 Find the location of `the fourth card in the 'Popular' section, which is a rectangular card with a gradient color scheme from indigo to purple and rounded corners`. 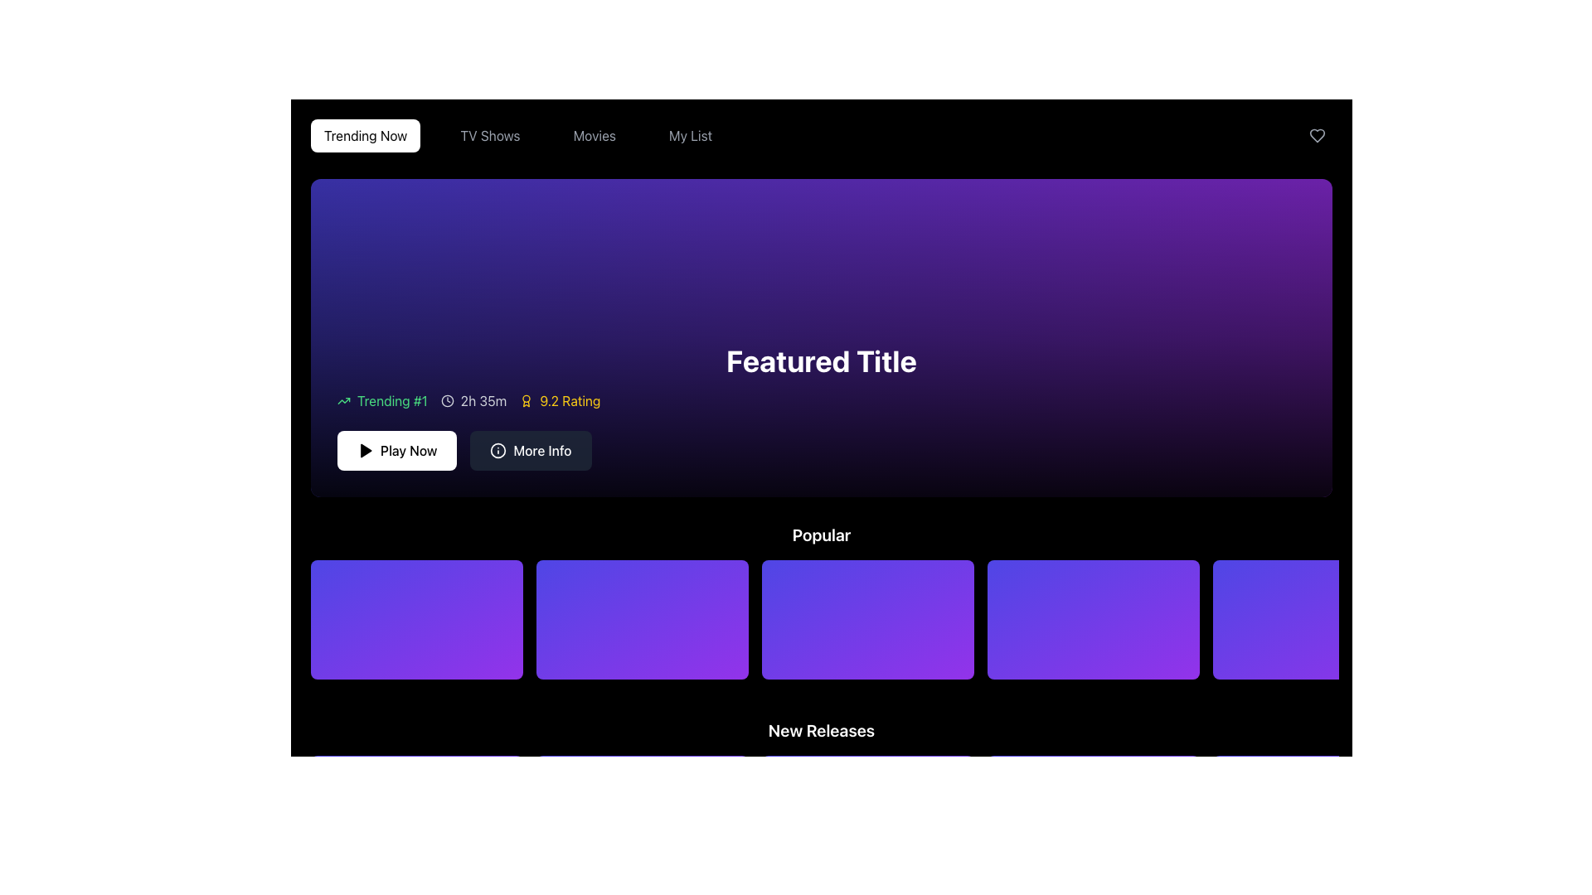

the fourth card in the 'Popular' section, which is a rectangular card with a gradient color scheme from indigo to purple and rounded corners is located at coordinates (1094, 620).